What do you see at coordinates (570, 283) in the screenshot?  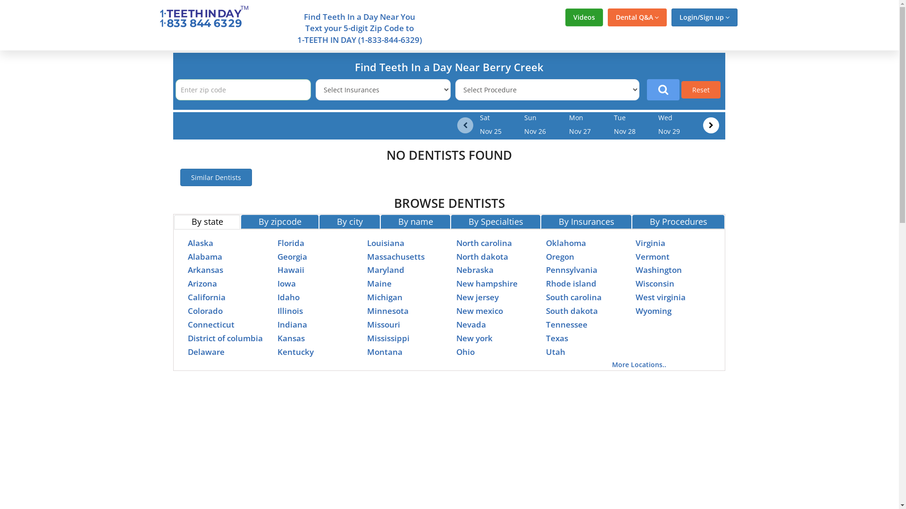 I see `'Rhode island'` at bounding box center [570, 283].